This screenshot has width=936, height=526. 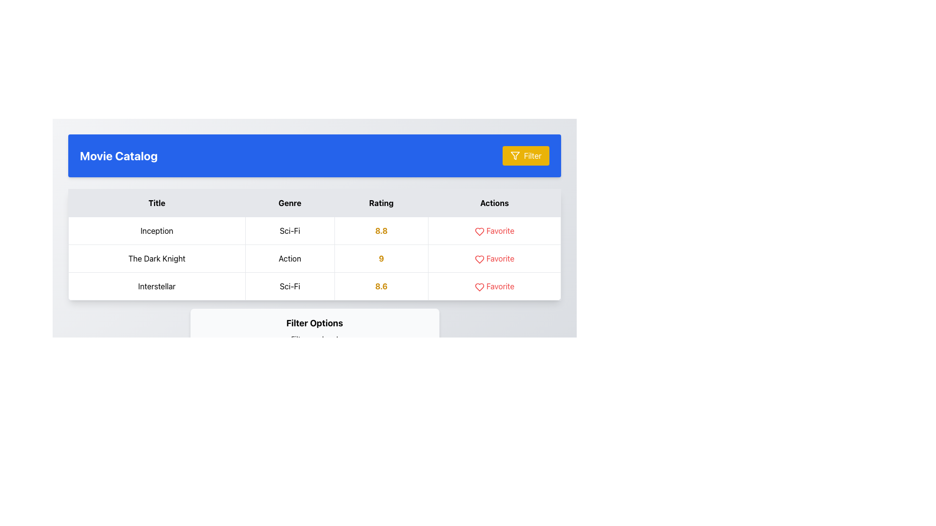 What do you see at coordinates (479, 259) in the screenshot?
I see `the heart-shaped icon next to the 'Favorite' label in the 'Actions' column of the row for the movie 'Inception'` at bounding box center [479, 259].